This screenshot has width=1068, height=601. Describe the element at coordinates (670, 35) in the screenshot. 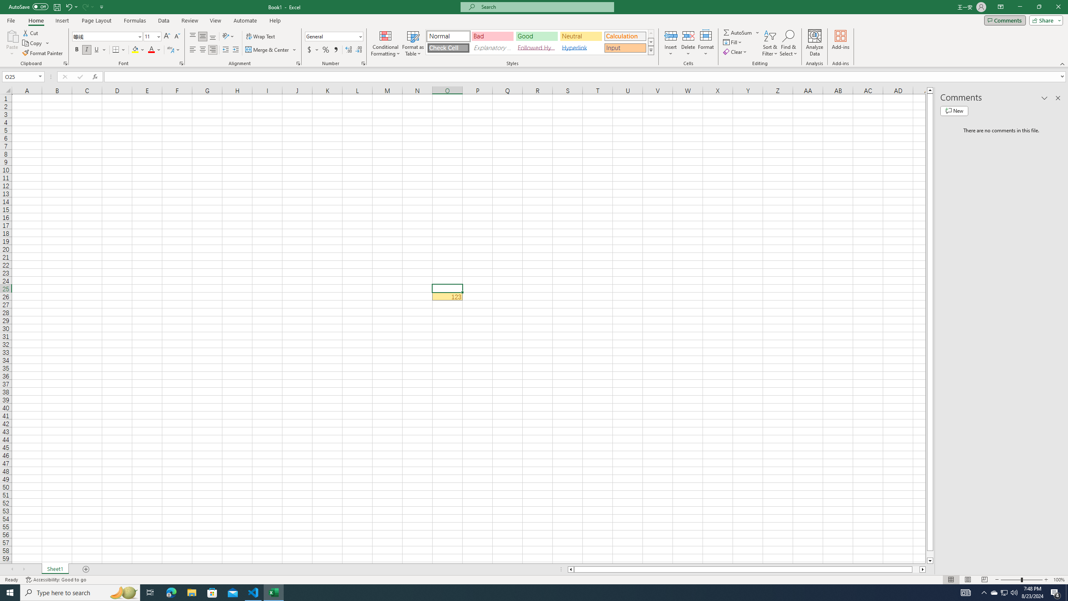

I see `'Insert Cells'` at that location.